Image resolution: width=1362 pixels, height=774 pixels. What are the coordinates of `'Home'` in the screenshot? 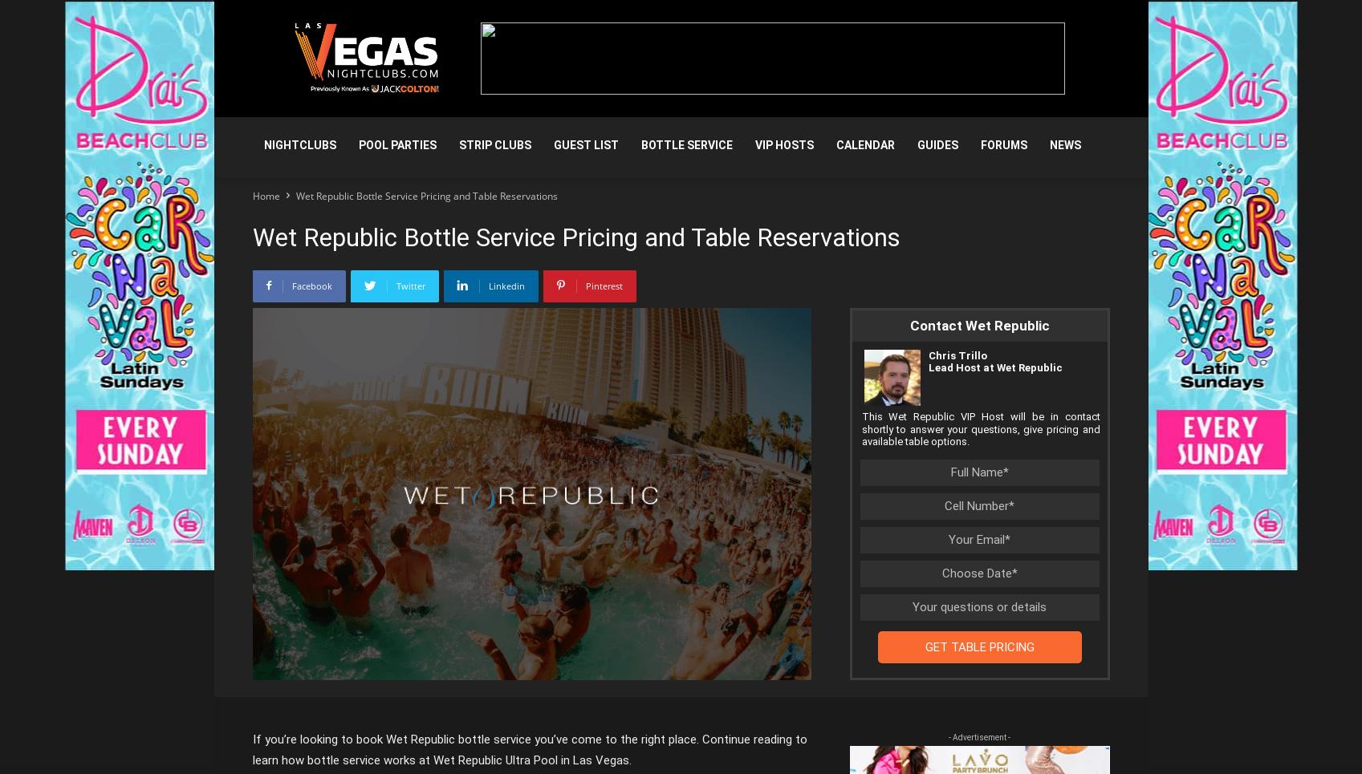 It's located at (266, 195).